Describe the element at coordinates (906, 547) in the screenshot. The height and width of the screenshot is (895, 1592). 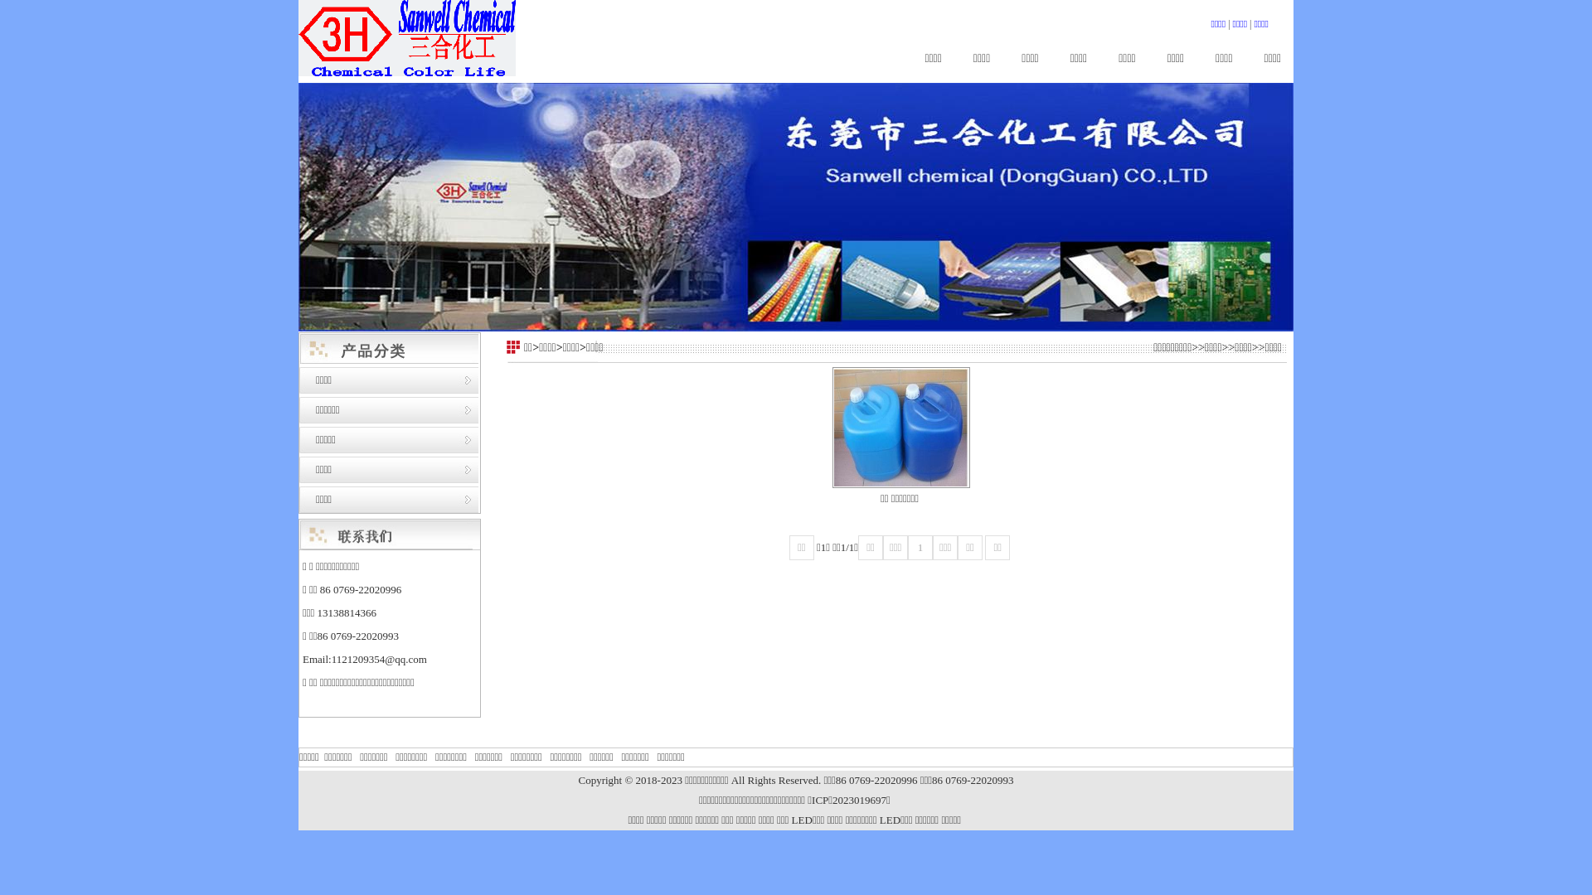
I see `'1'` at that location.